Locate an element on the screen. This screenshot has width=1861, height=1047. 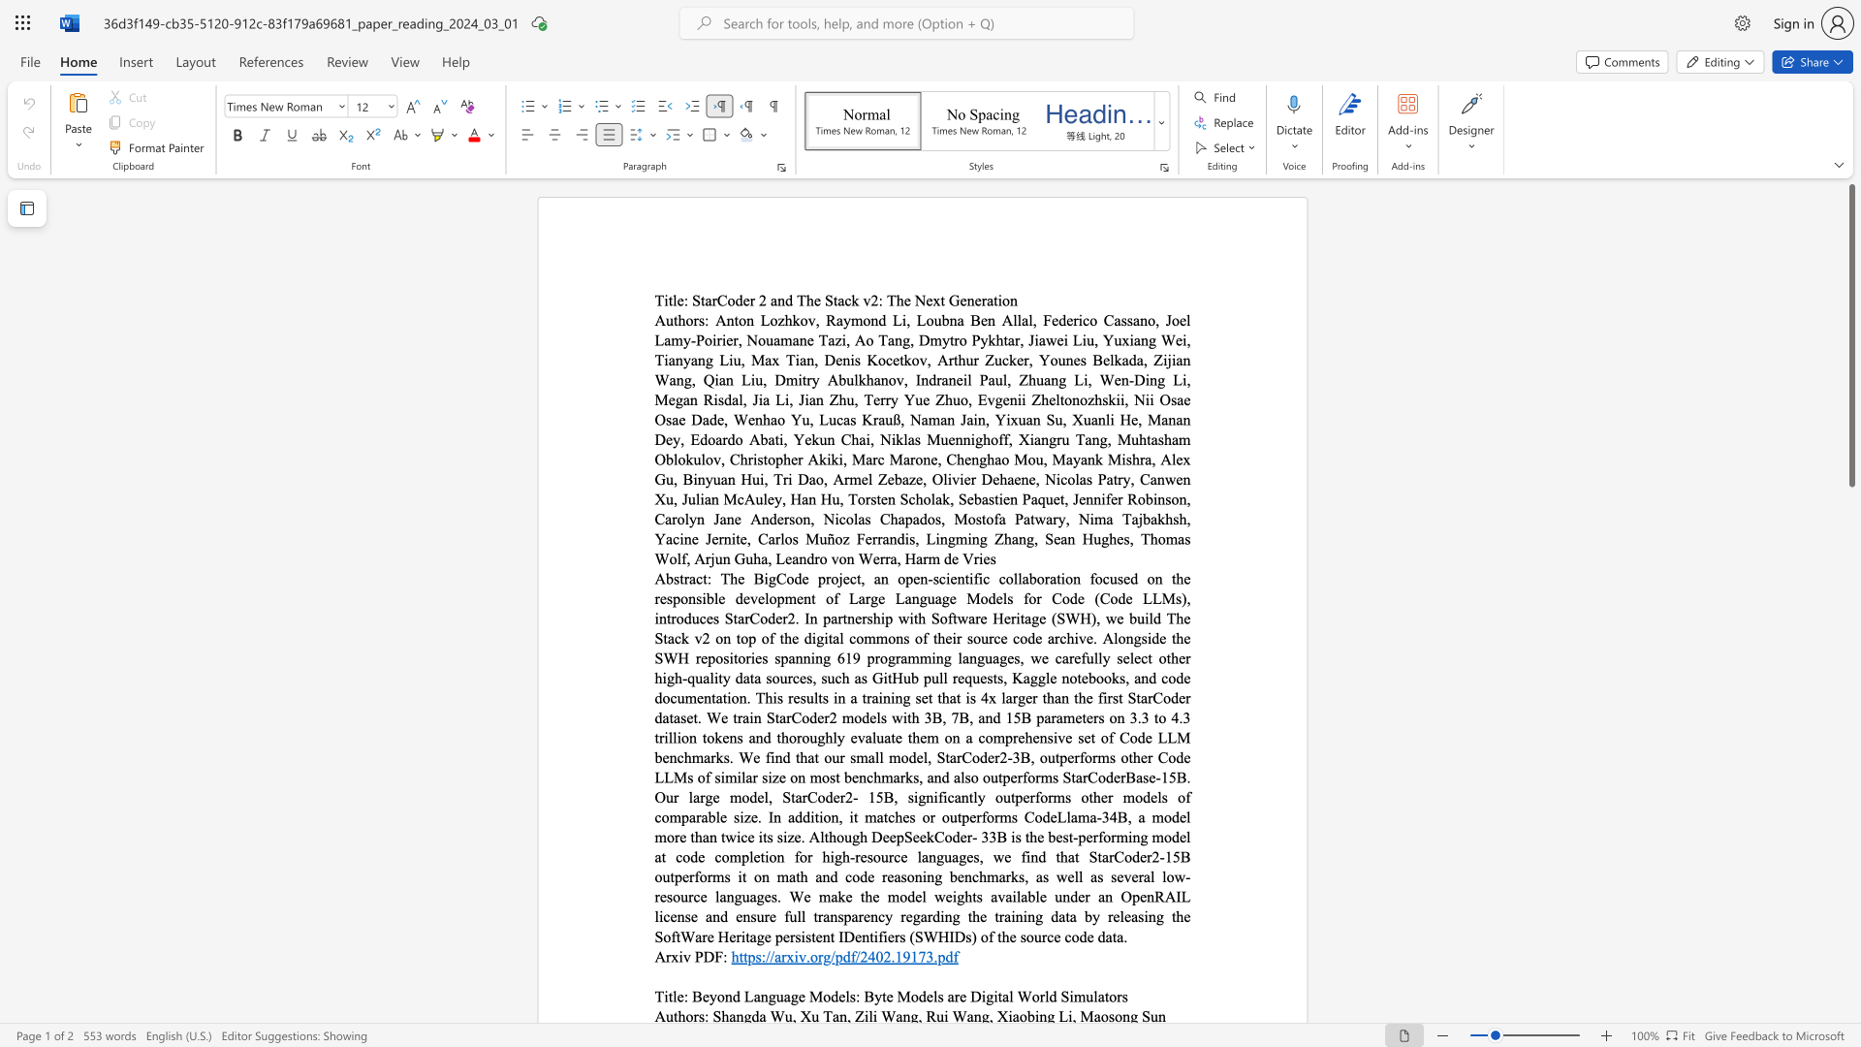
the subset text "anguage Models: Byte Mode" within the text "Beyond Language Models: Byte Models are Digital World Simulators" is located at coordinates (752, 996).